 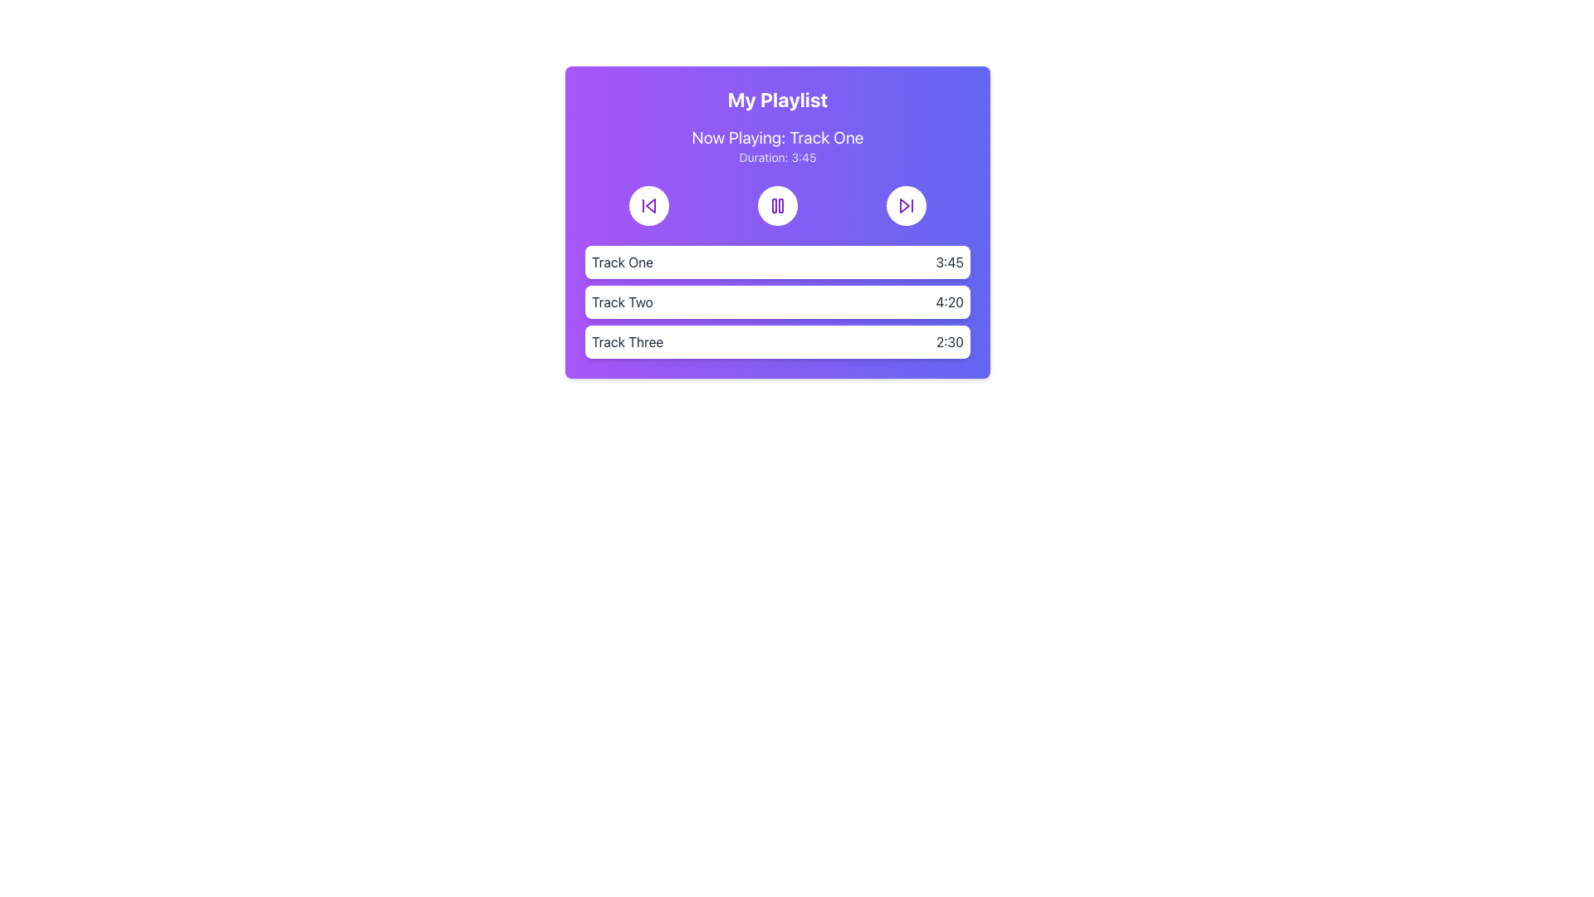 What do you see at coordinates (776, 204) in the screenshot?
I see `the pause icon button located centrally between the previous and next track buttons` at bounding box center [776, 204].